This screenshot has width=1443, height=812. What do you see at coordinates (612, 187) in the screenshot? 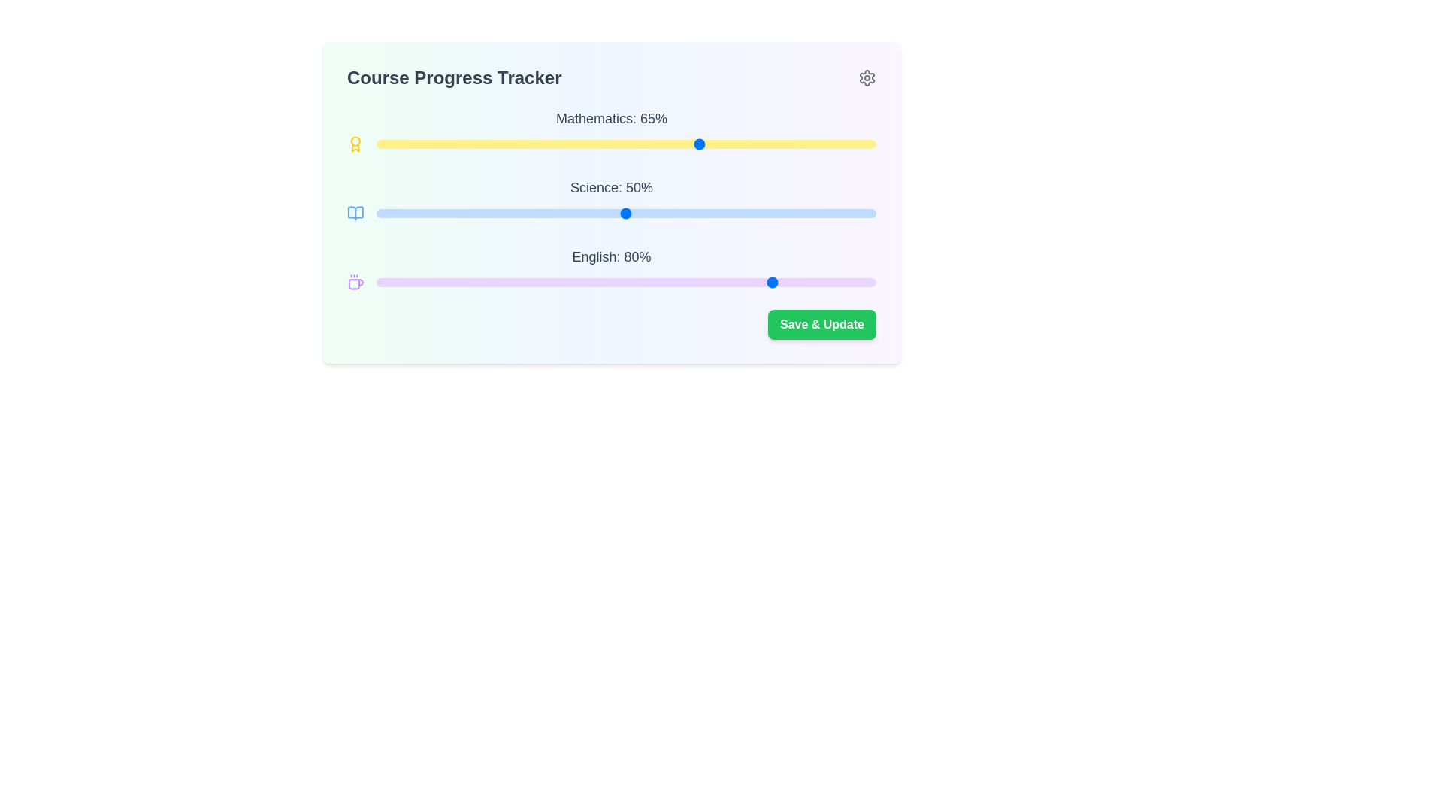
I see `the text label indicating 50% completion for the subject 'Science'` at bounding box center [612, 187].